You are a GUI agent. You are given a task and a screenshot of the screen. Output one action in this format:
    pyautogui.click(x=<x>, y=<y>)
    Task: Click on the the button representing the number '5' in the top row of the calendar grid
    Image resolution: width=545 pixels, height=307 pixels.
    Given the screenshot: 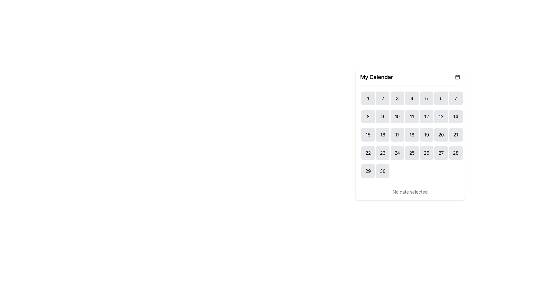 What is the action you would take?
    pyautogui.click(x=426, y=98)
    